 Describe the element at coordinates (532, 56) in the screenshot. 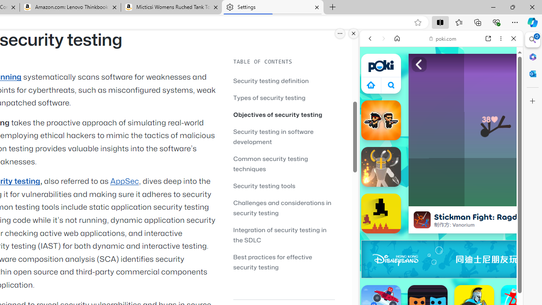

I see `'Microsoft 365'` at that location.